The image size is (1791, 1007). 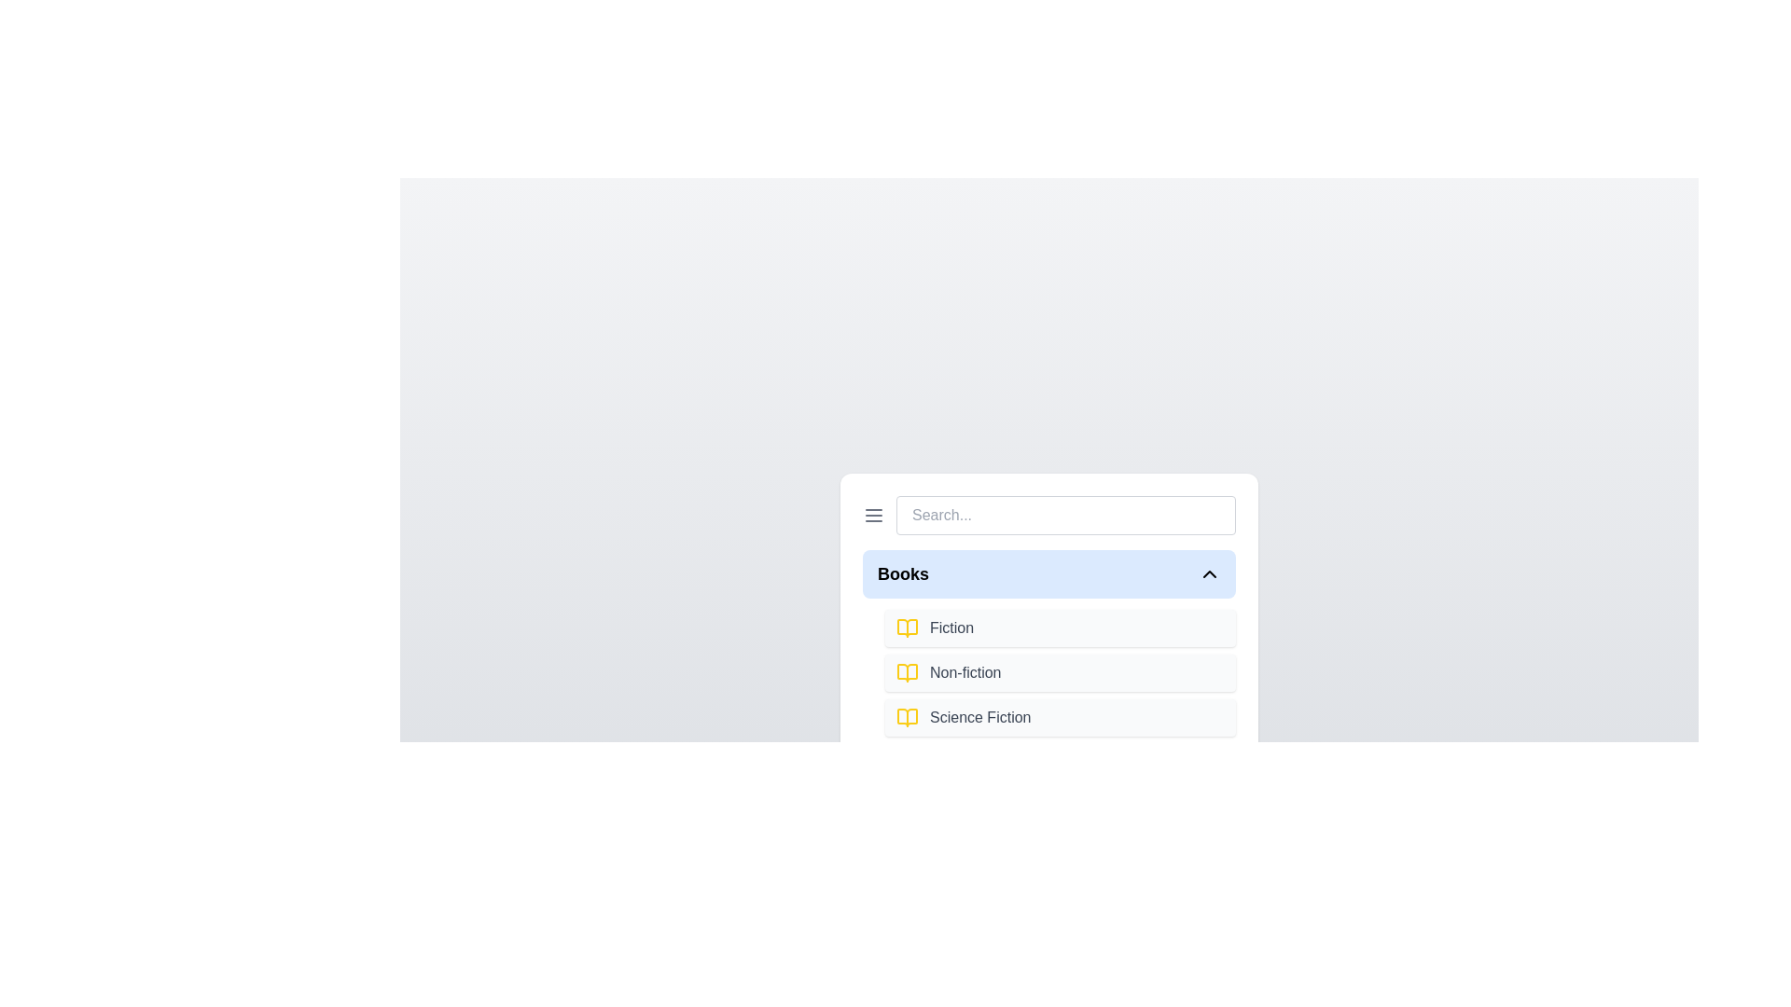 I want to click on the item Non-fiction from the expanded section, so click(x=1061, y=672).